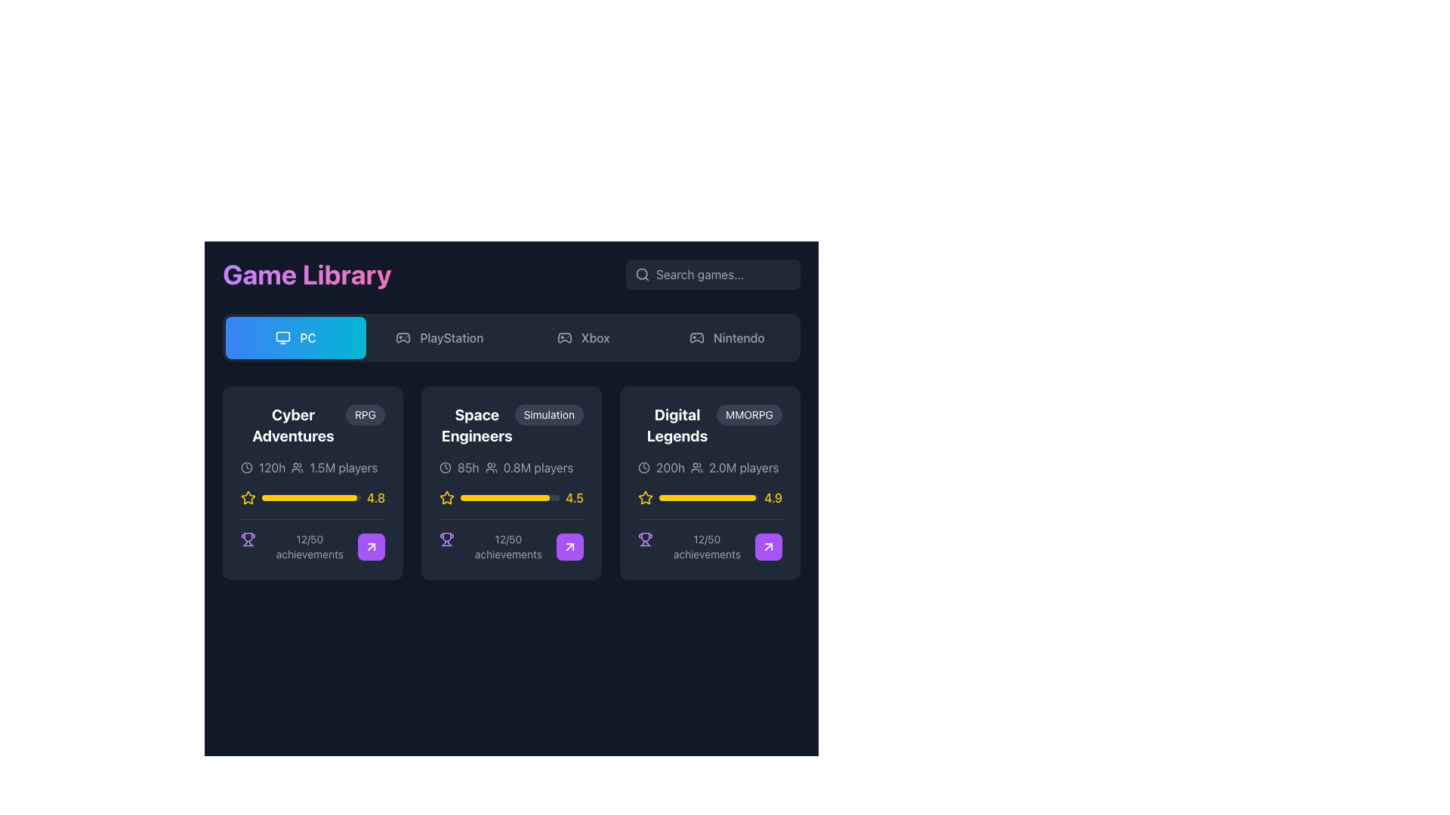  I want to click on the decorative icon indicating ranking or achievement associated with the 'Space Engineers' card, located at the bottom section adjacent to achievement text, so click(248, 537).